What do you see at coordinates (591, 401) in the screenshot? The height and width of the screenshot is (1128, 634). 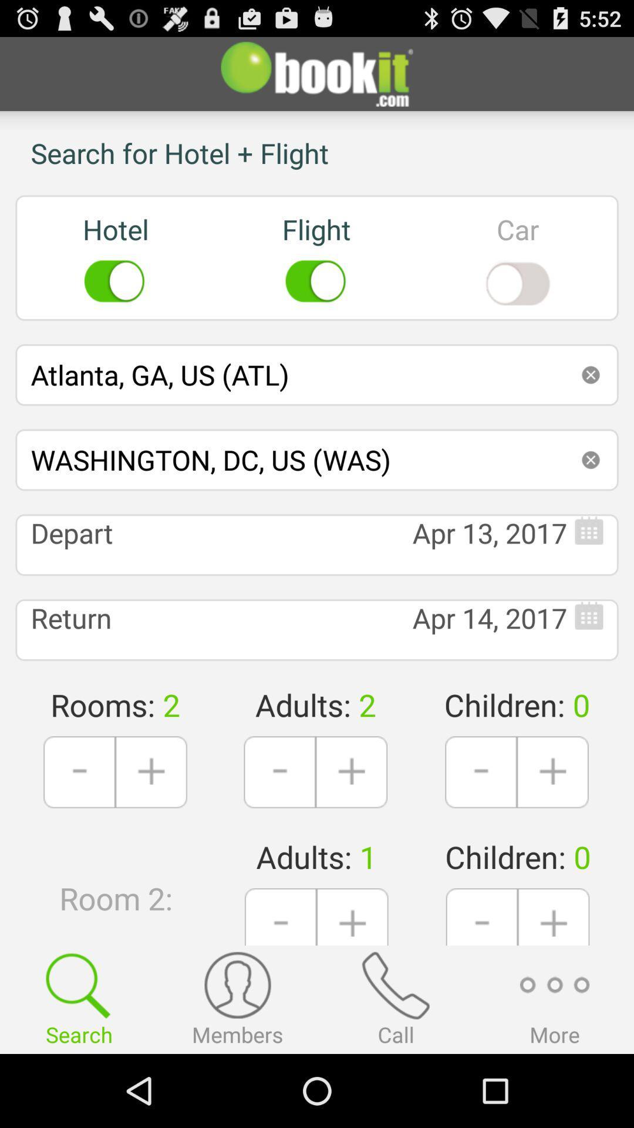 I see `the close icon` at bounding box center [591, 401].